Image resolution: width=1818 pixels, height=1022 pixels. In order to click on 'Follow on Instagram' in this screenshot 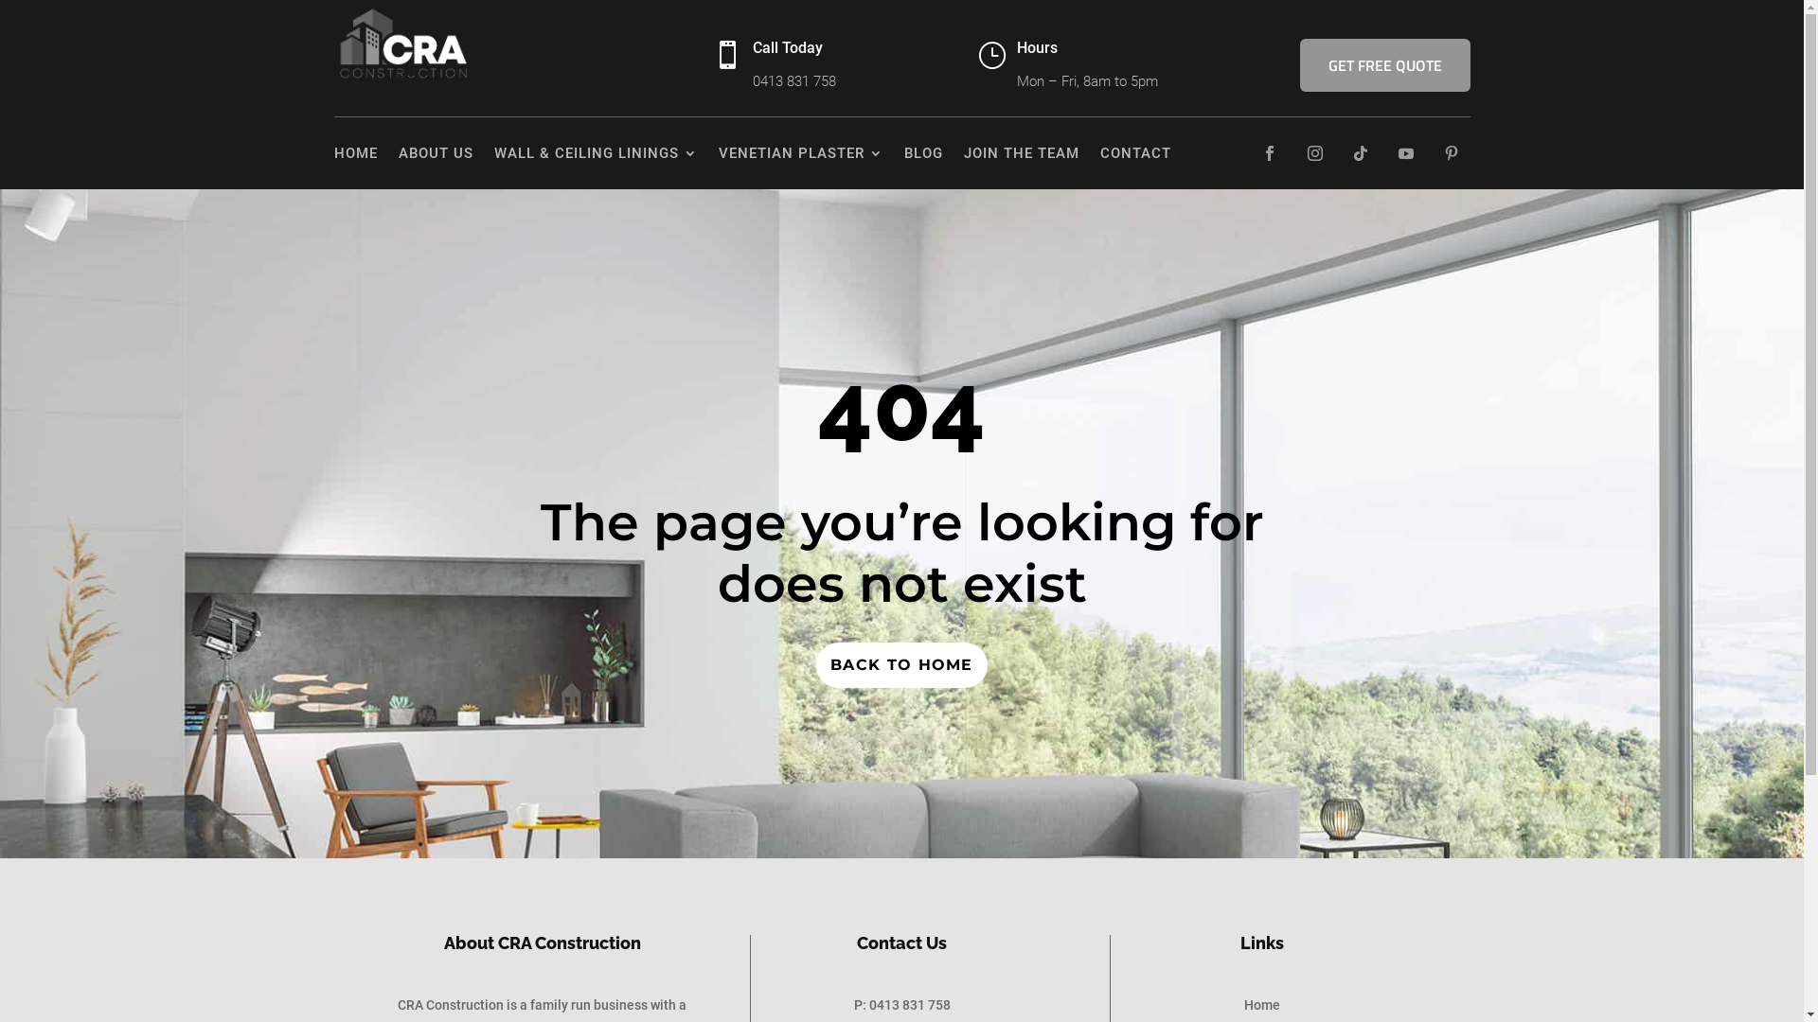, I will do `click(1294, 152)`.